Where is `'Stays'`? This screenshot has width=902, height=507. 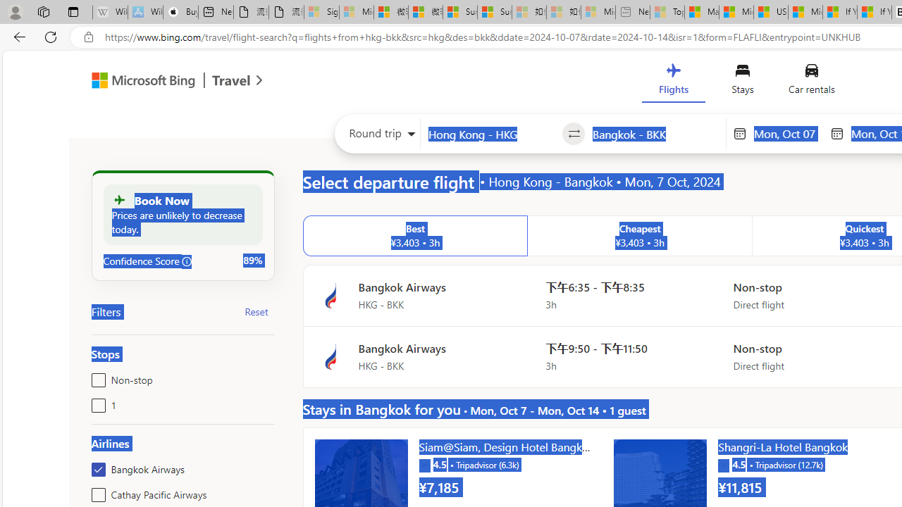
'Stays' is located at coordinates (742, 82).